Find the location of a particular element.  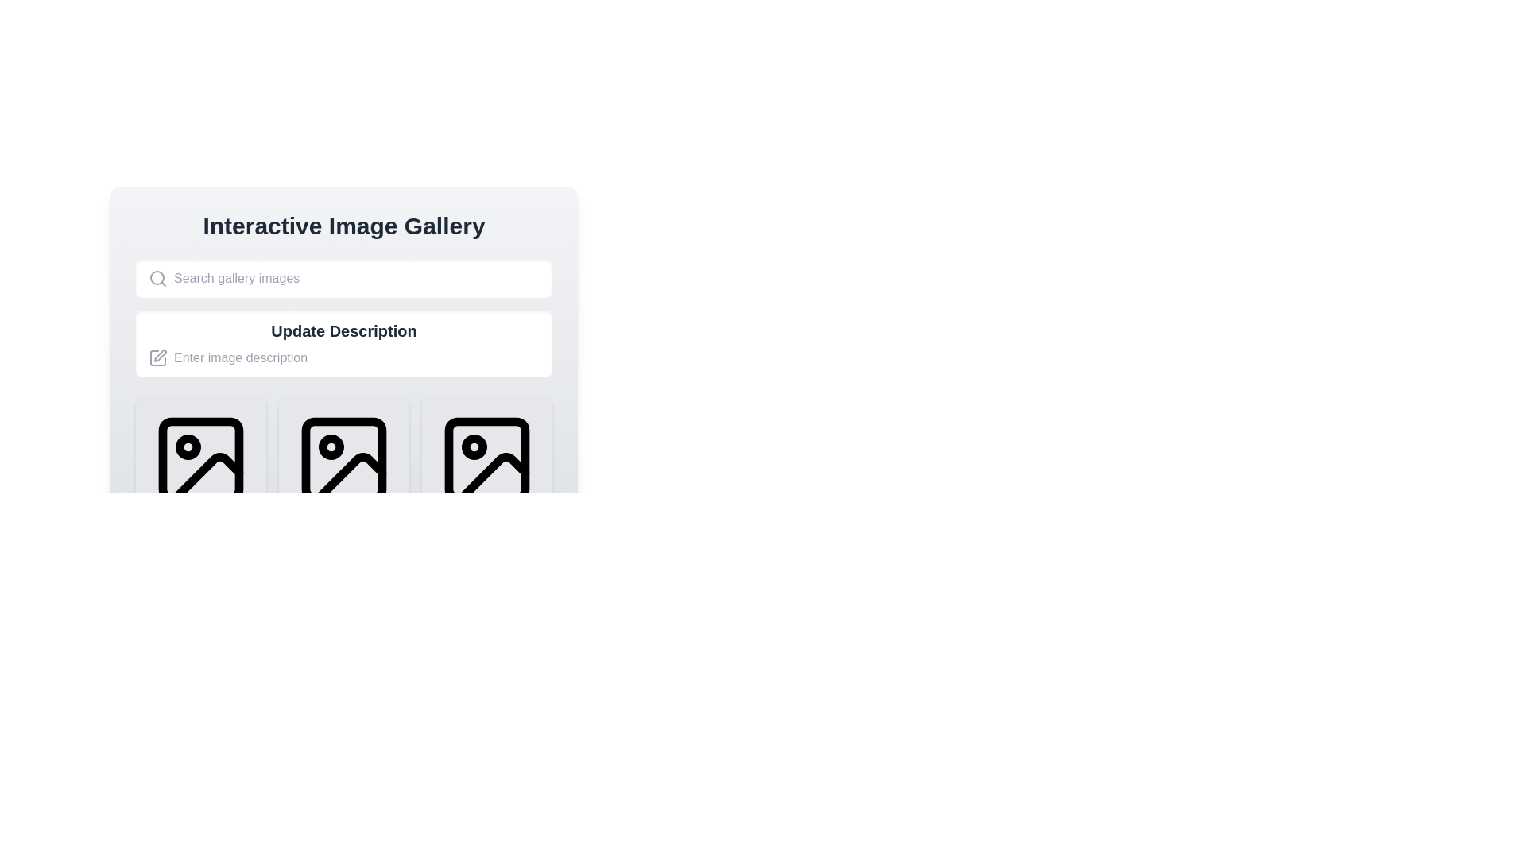

the SVG image icon that represents an image placeholder, which is the second icon in a horizontal row of three icons within a card labeled 'Image 2' is located at coordinates (343, 459).